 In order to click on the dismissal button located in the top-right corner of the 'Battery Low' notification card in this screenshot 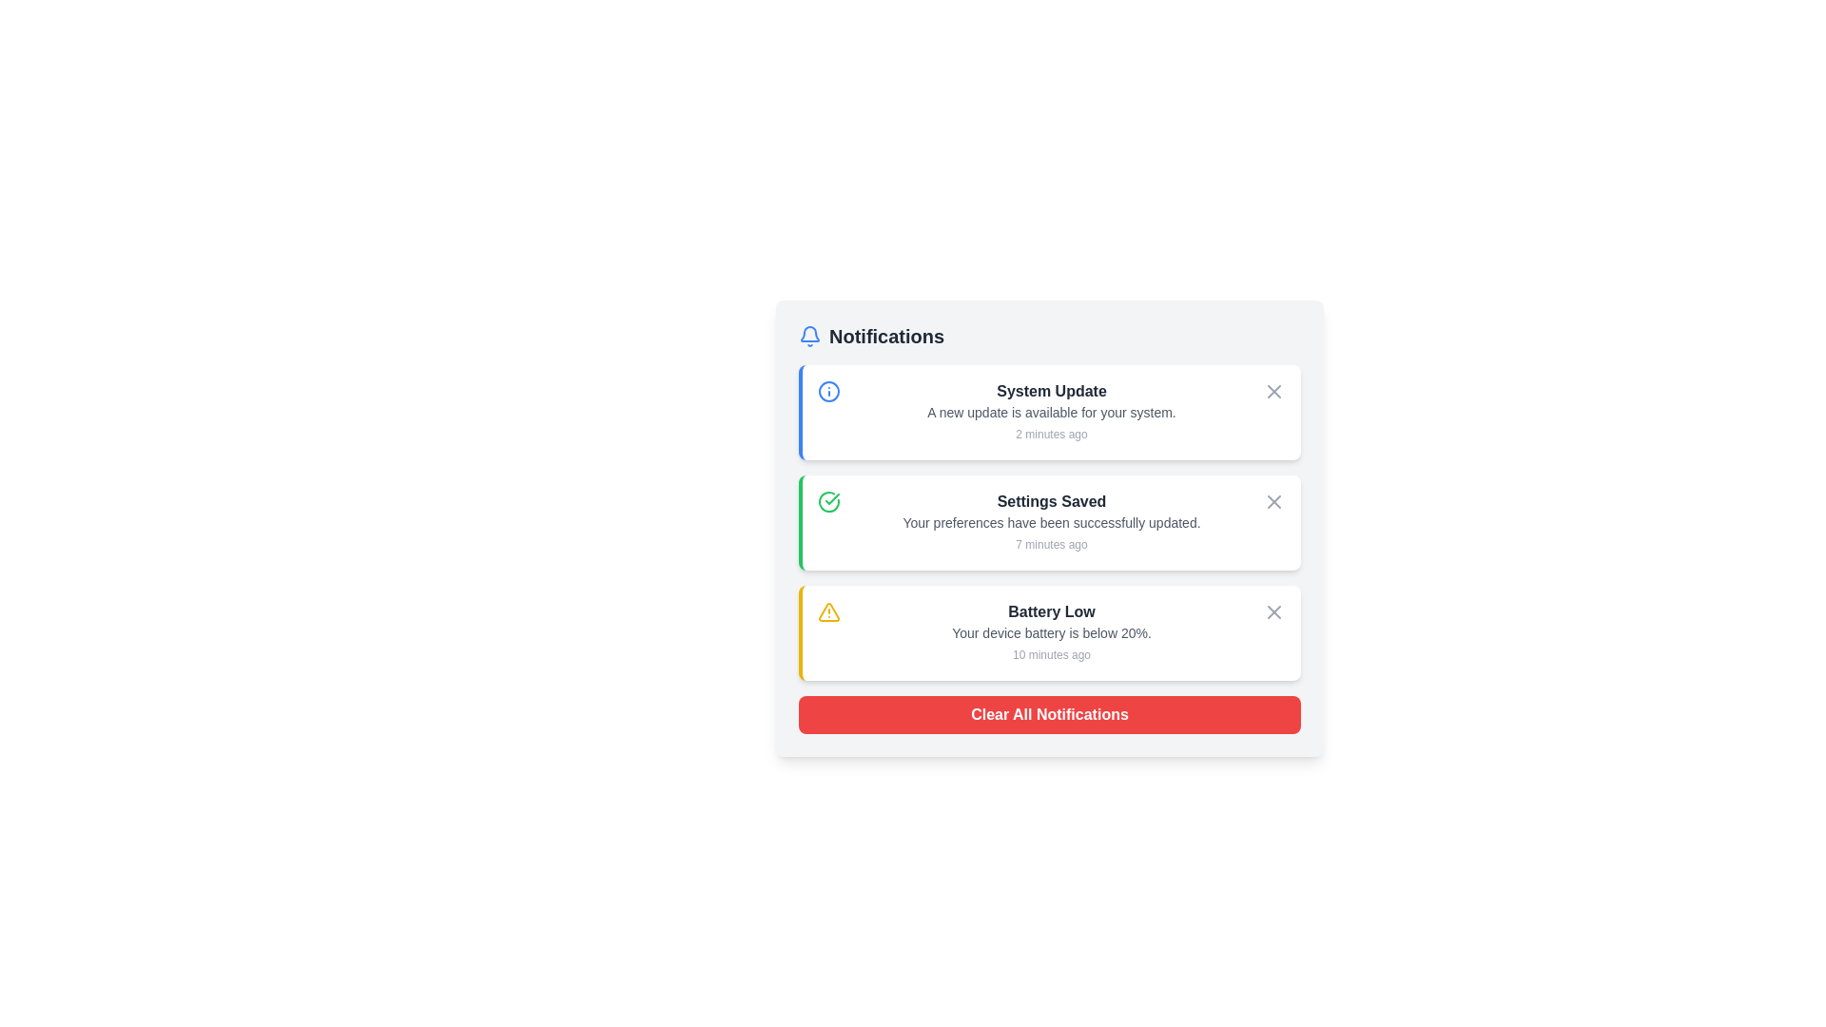, I will do `click(1273, 612)`.